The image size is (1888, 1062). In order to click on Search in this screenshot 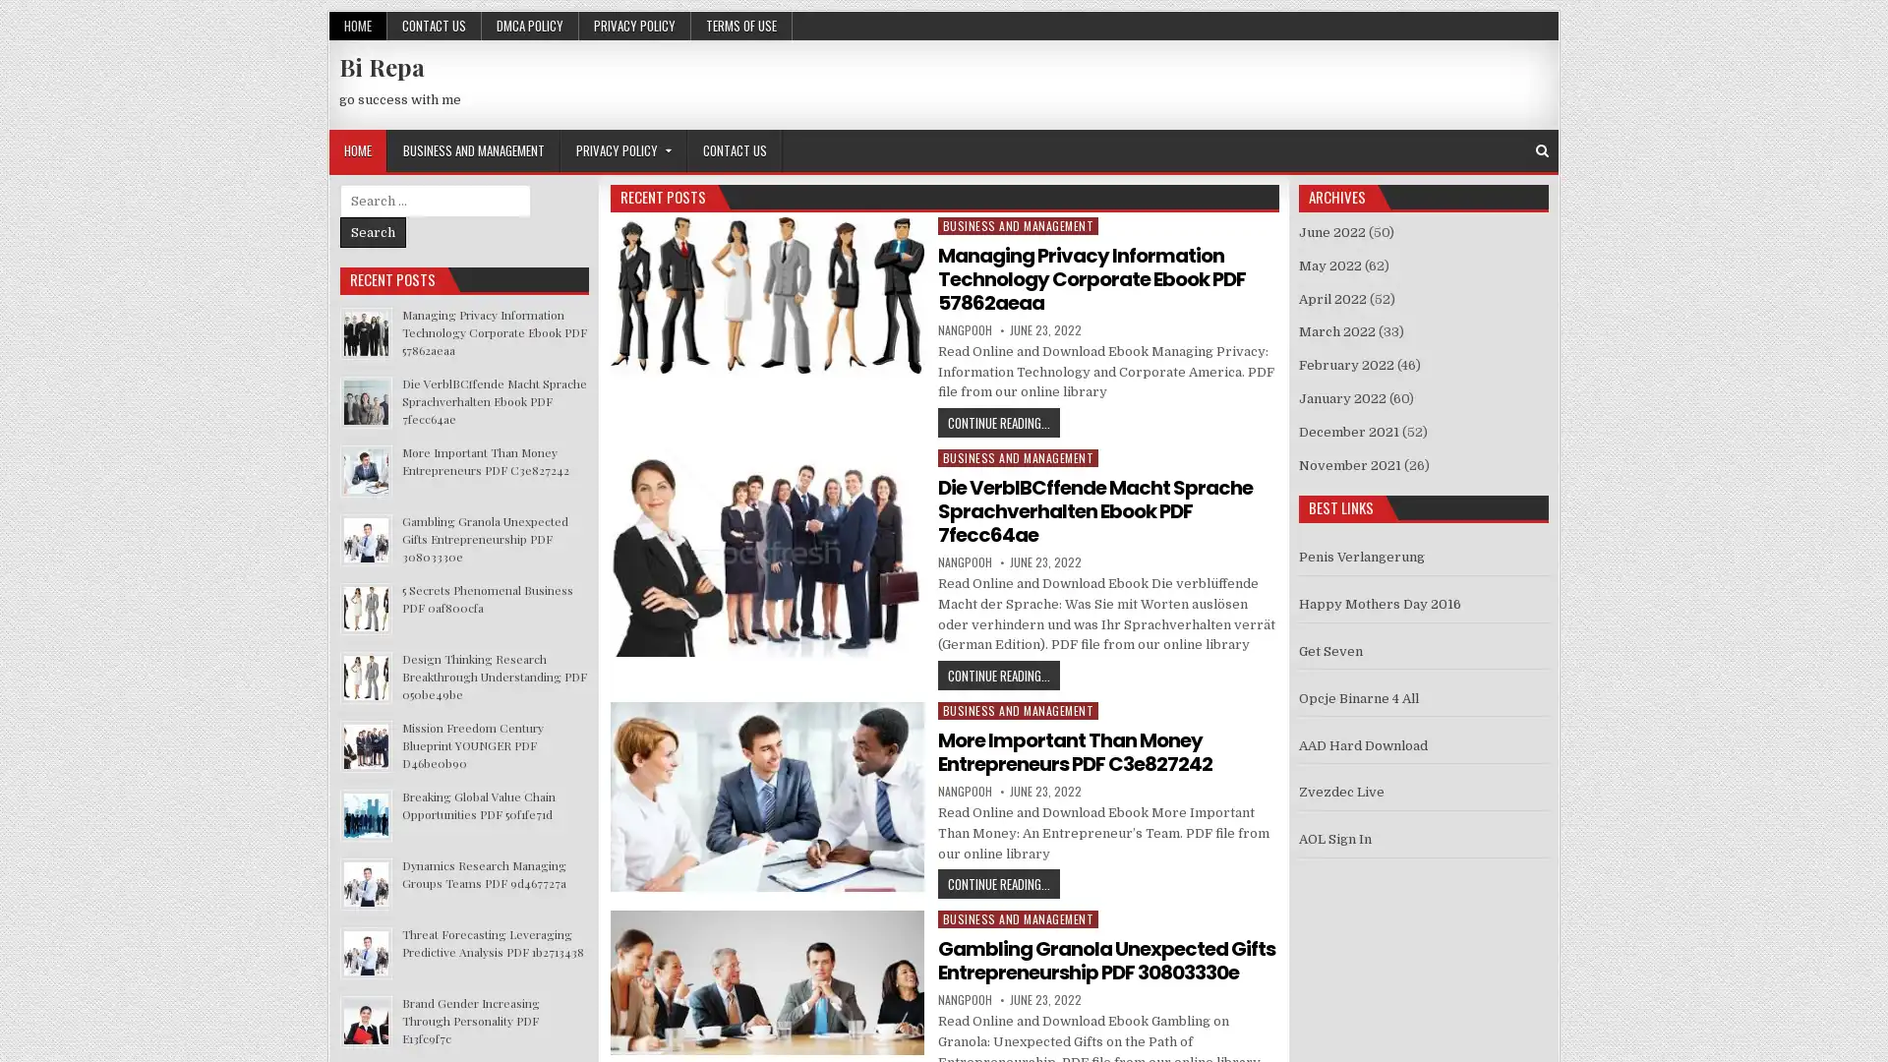, I will do `click(372, 231)`.